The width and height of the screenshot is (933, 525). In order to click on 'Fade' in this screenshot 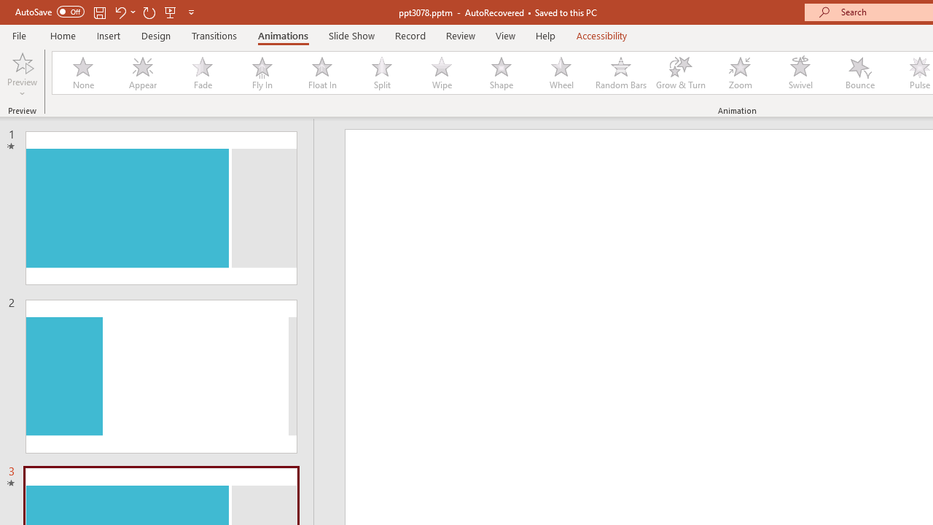, I will do `click(201, 73)`.